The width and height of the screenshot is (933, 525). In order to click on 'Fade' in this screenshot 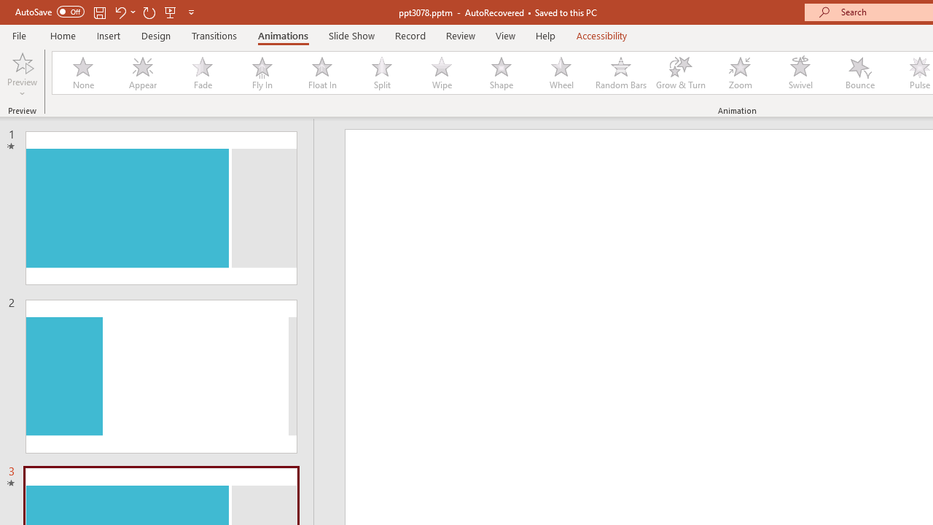, I will do `click(201, 73)`.